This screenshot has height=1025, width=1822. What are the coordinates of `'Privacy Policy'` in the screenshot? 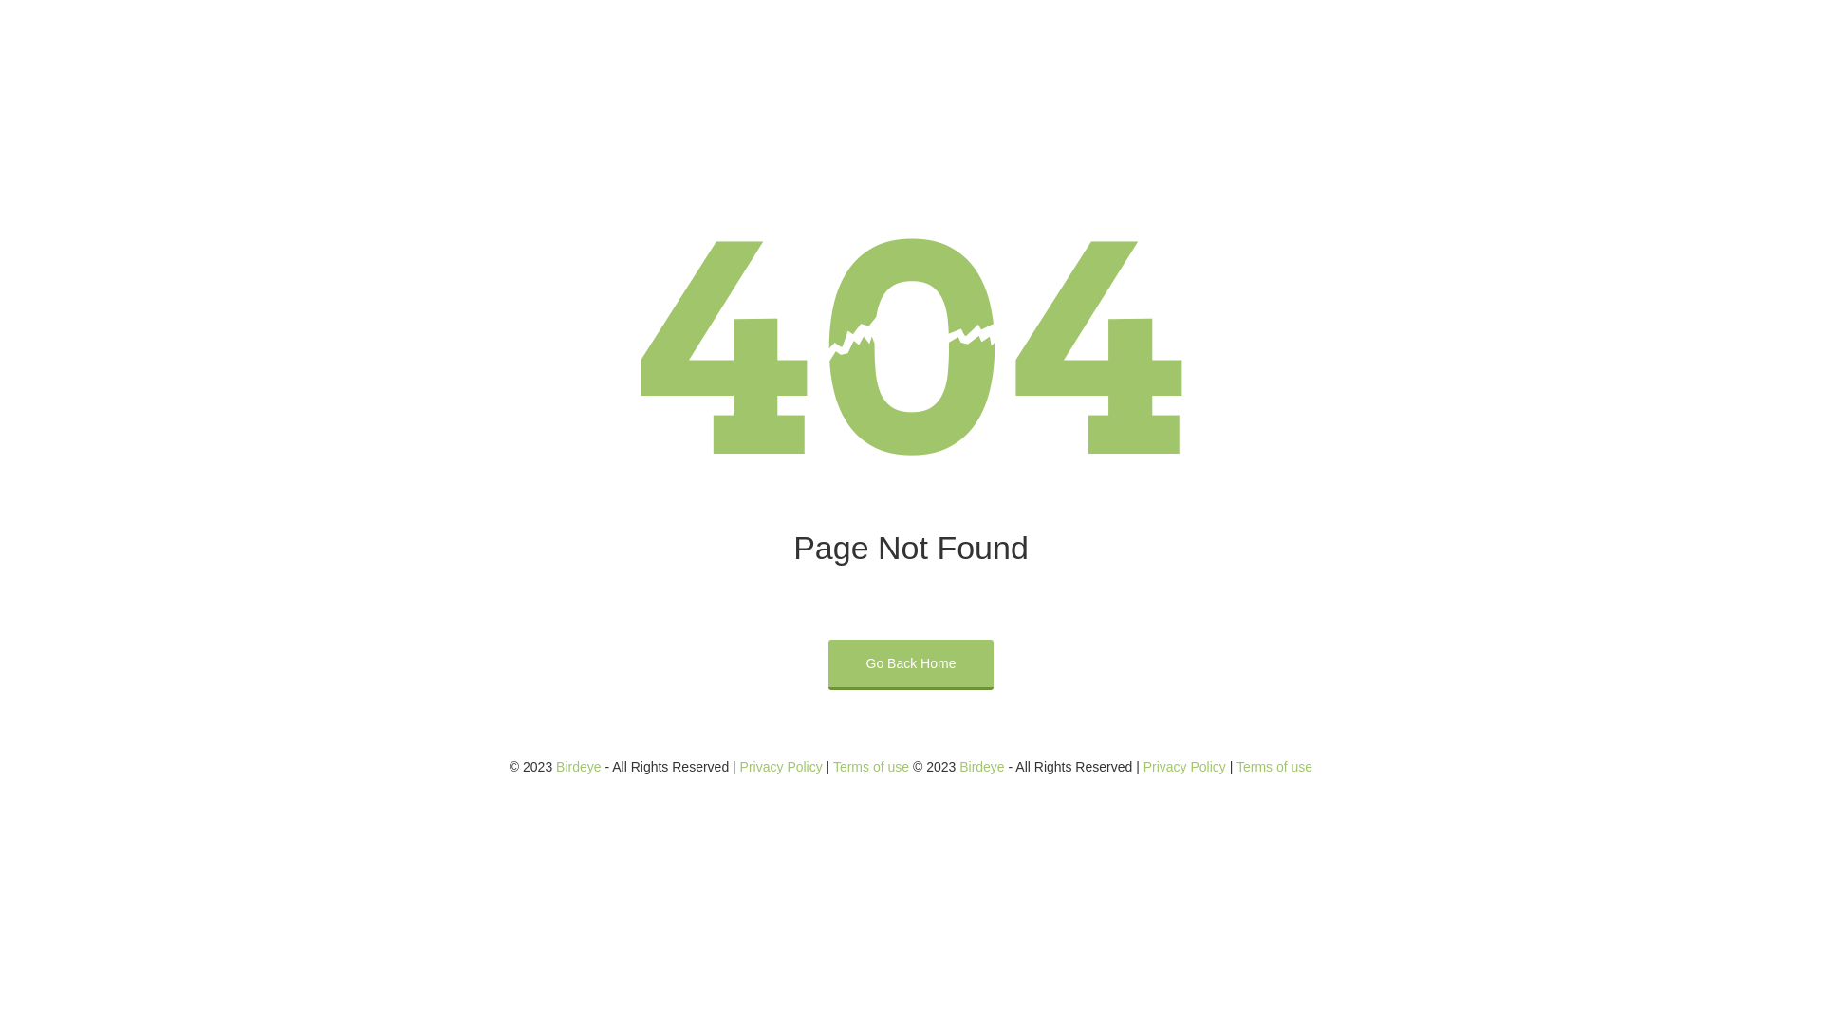 It's located at (738, 765).